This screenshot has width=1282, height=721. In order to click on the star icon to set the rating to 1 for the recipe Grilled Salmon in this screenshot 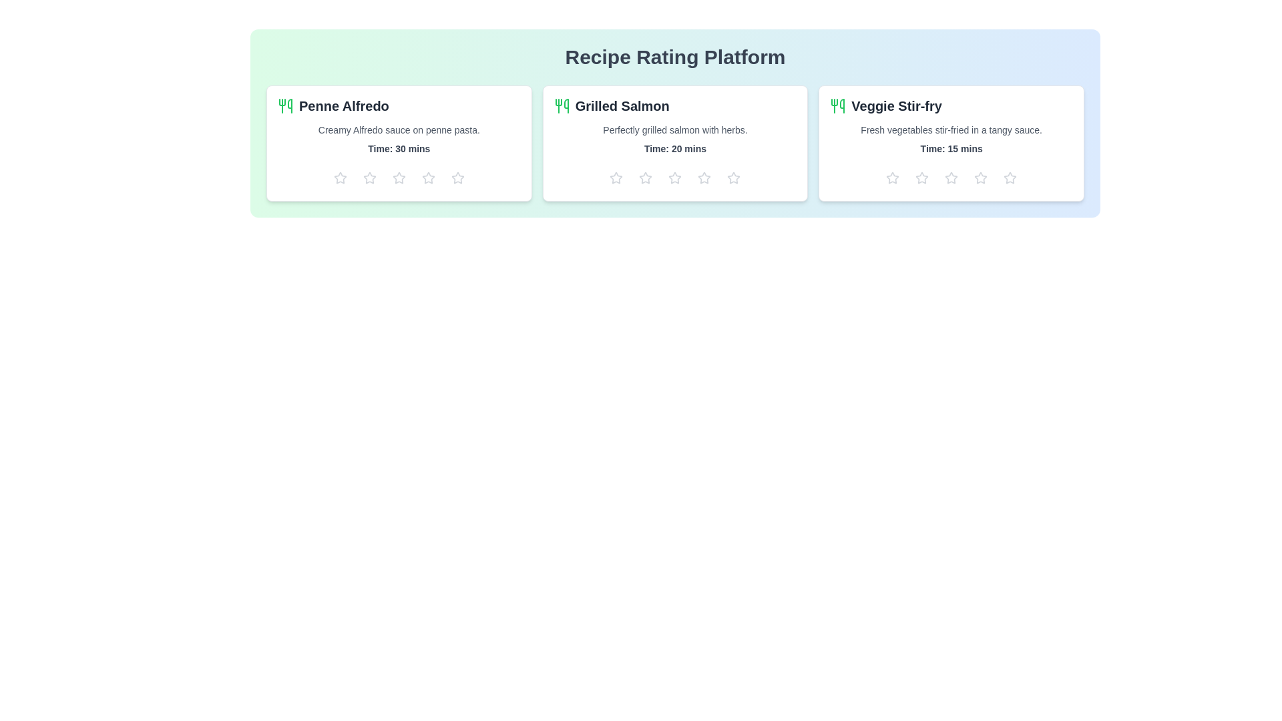, I will do `click(616, 177)`.